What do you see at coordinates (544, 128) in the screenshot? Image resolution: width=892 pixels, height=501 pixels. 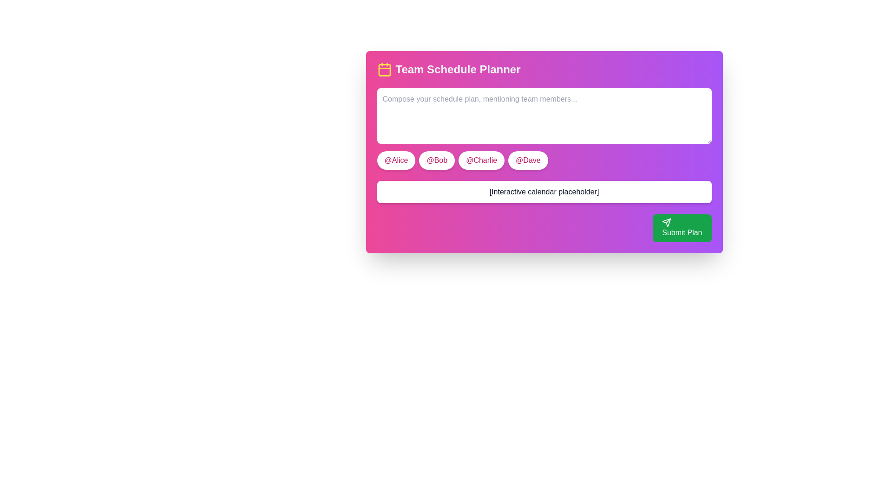 I see `the text in the rectangular text input area with a white background and rounded corners, which is located below the title 'Team Schedule Planner' and above the interactive team member tags` at bounding box center [544, 128].